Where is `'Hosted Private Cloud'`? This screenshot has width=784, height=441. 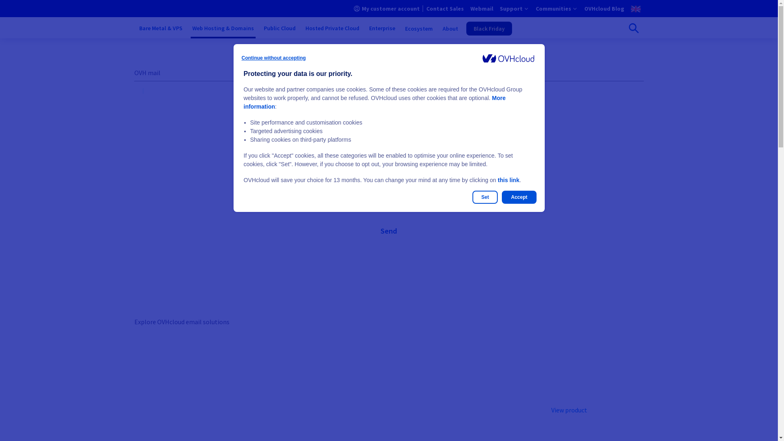
'Hosted Private Cloud' is located at coordinates (303, 28).